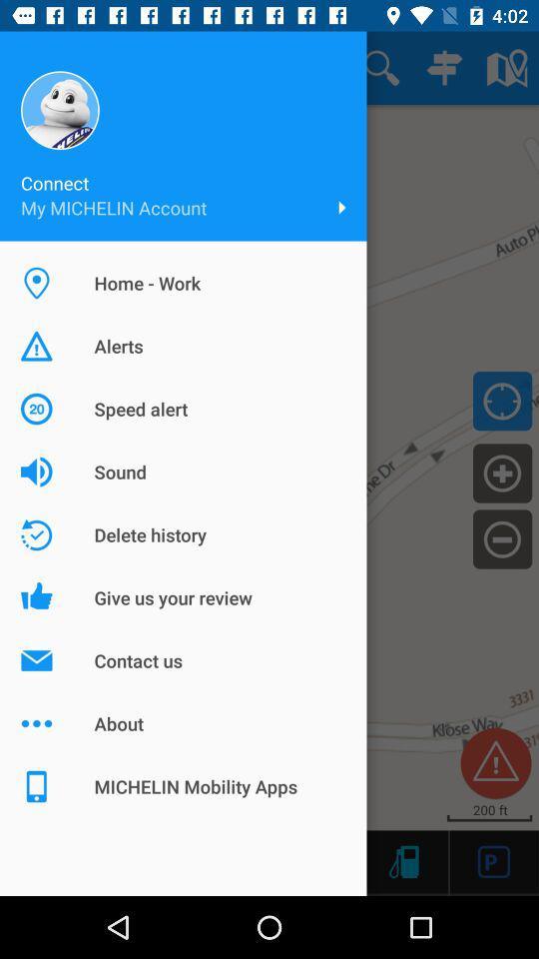 The height and width of the screenshot is (959, 539). Describe the element at coordinates (501, 473) in the screenshot. I see `the add icon` at that location.